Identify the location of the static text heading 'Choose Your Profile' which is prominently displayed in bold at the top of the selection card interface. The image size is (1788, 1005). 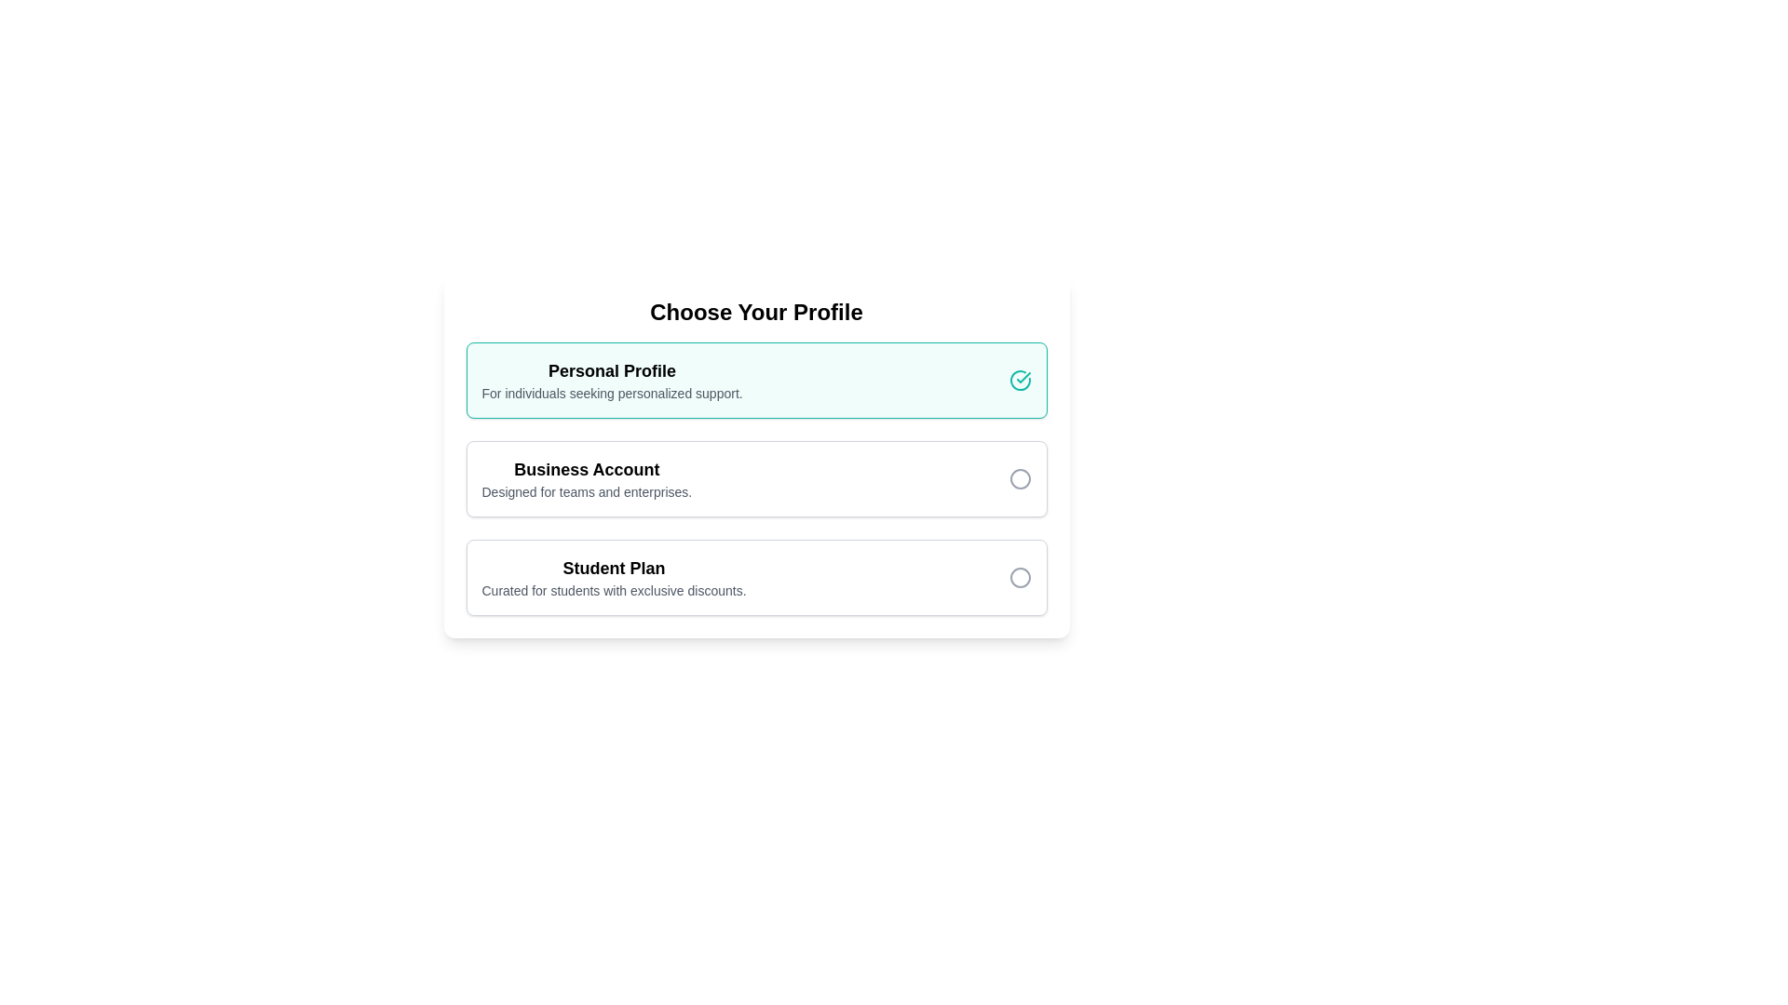
(756, 311).